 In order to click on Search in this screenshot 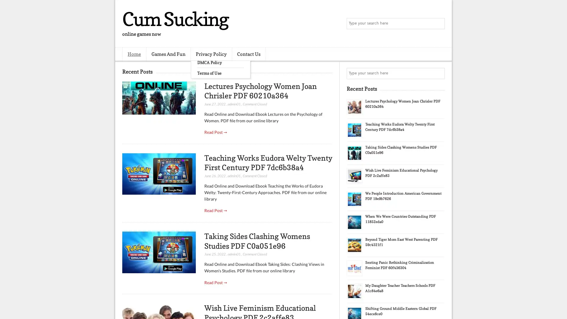, I will do `click(439, 73)`.